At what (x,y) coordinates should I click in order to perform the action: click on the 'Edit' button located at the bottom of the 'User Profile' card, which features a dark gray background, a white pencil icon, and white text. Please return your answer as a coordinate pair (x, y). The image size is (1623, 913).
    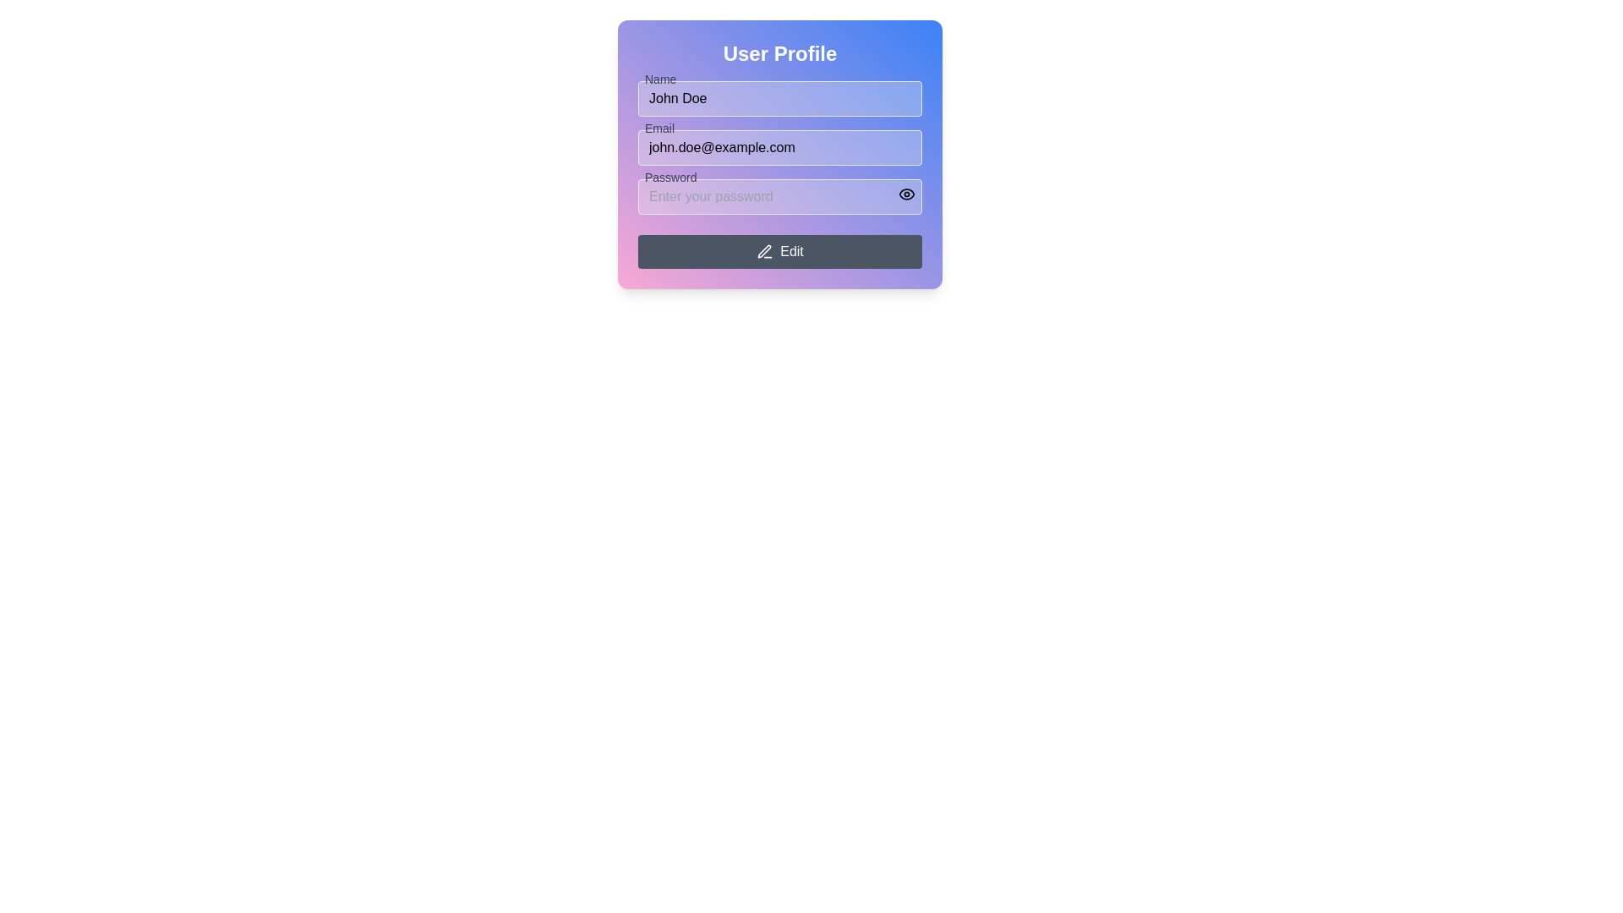
    Looking at the image, I should click on (779, 251).